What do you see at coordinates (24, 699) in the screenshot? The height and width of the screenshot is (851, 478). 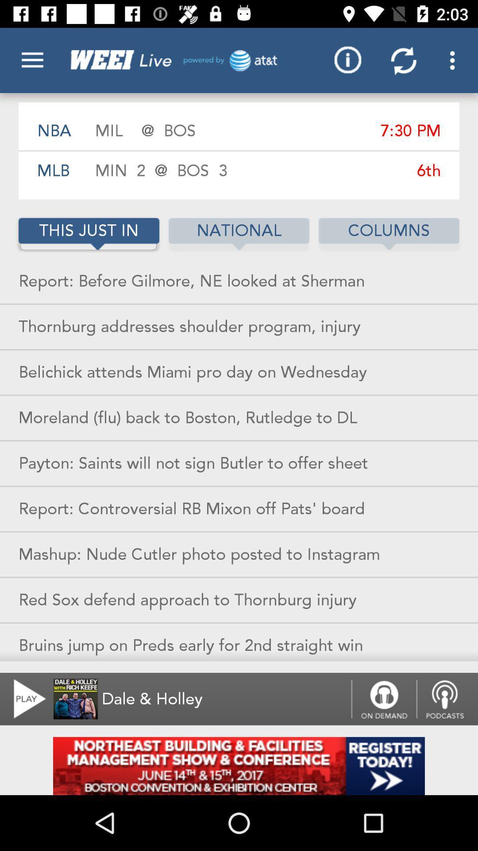 I see `the play icon` at bounding box center [24, 699].